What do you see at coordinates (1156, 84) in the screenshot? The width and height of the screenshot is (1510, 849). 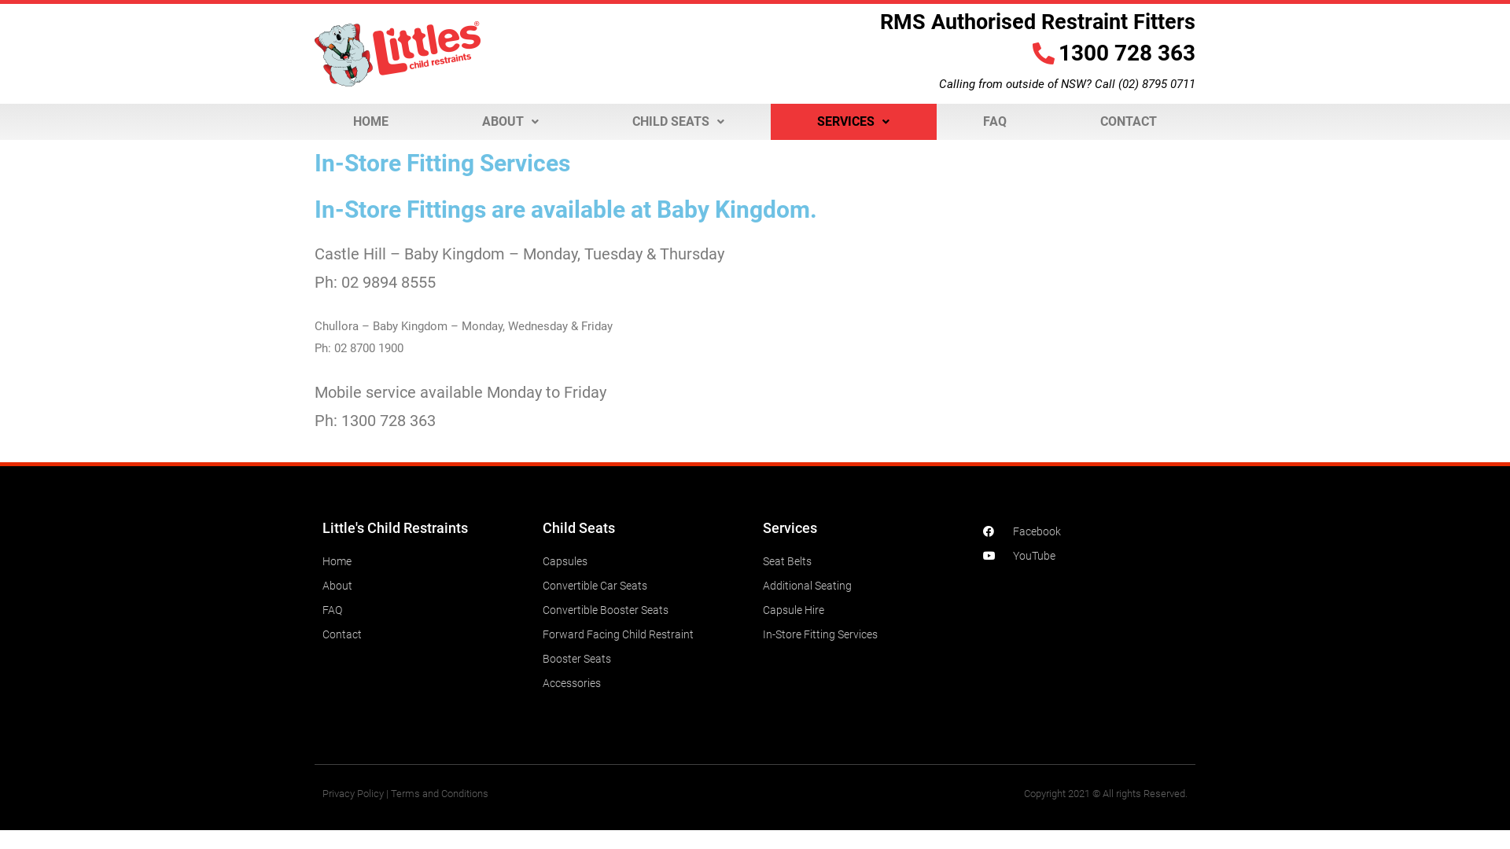 I see `'(02) 8795 0711'` at bounding box center [1156, 84].